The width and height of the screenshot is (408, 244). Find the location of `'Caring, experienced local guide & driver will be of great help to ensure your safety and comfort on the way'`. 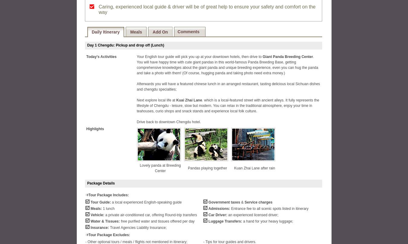

'Caring, experienced local guide & driver will be of great help to ensure your safety and comfort on the way' is located at coordinates (206, 9).